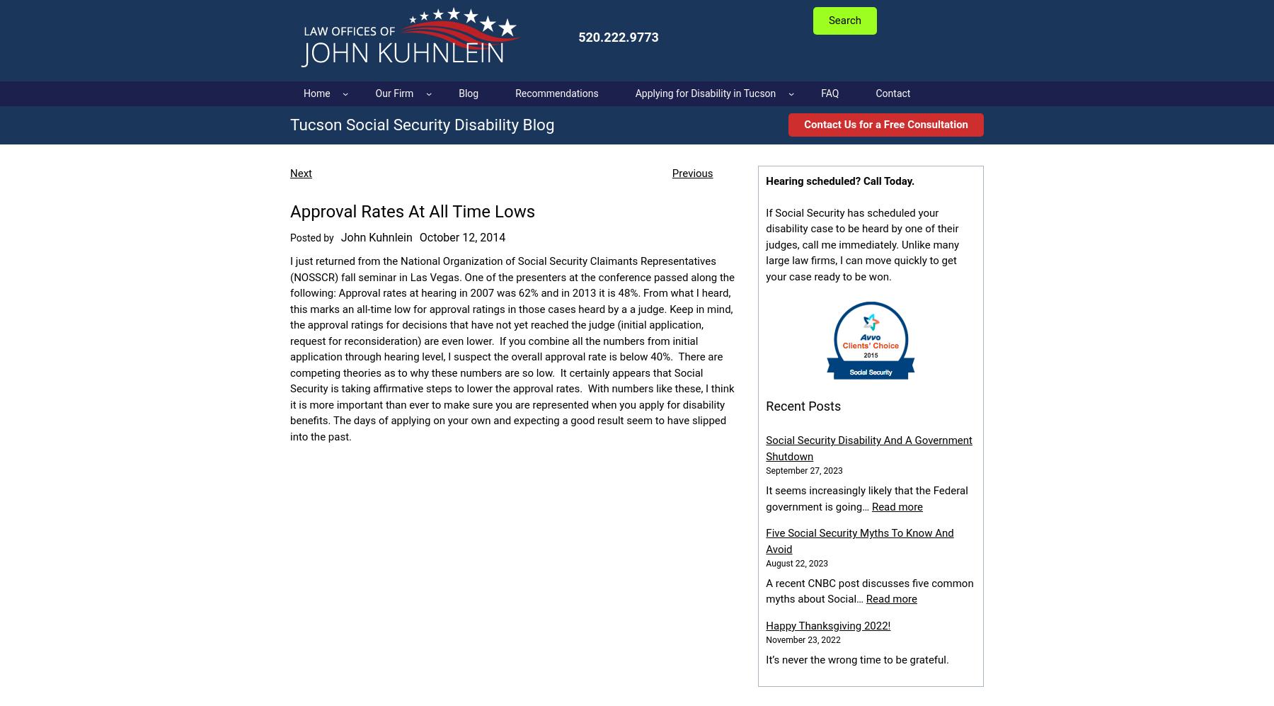  What do you see at coordinates (859, 541) in the screenshot?
I see `'Five Social Security Myths To Know And Avoid'` at bounding box center [859, 541].